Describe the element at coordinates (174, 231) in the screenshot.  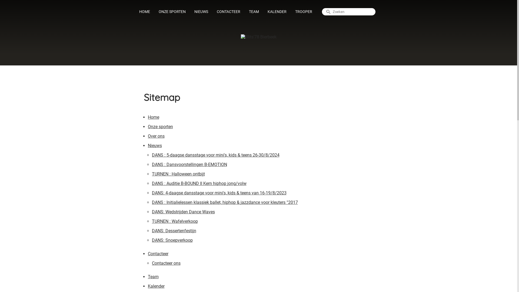
I see `'DANS: Dessertenfestijn'` at that location.